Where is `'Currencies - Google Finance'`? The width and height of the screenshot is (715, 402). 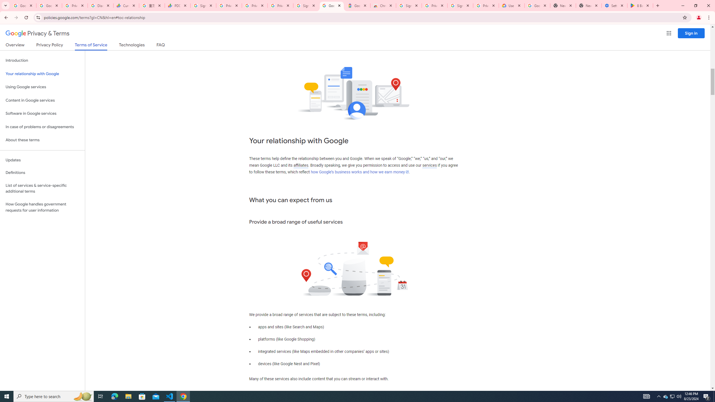 'Currencies - Google Finance' is located at coordinates (126, 5).